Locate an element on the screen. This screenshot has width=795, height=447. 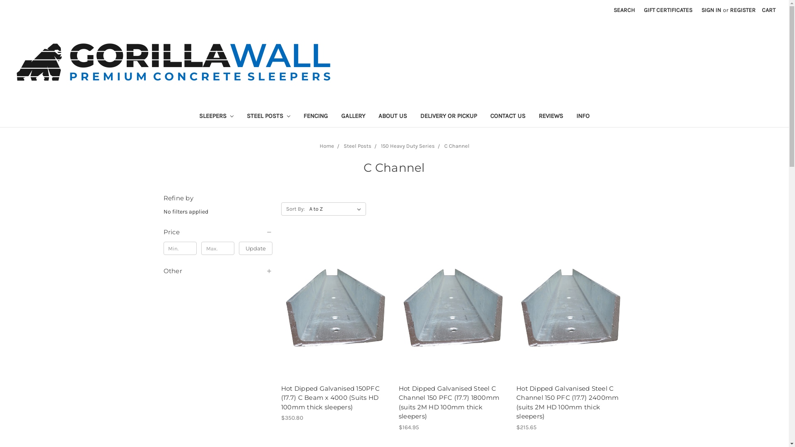
'Steel Posts' is located at coordinates (357, 145).